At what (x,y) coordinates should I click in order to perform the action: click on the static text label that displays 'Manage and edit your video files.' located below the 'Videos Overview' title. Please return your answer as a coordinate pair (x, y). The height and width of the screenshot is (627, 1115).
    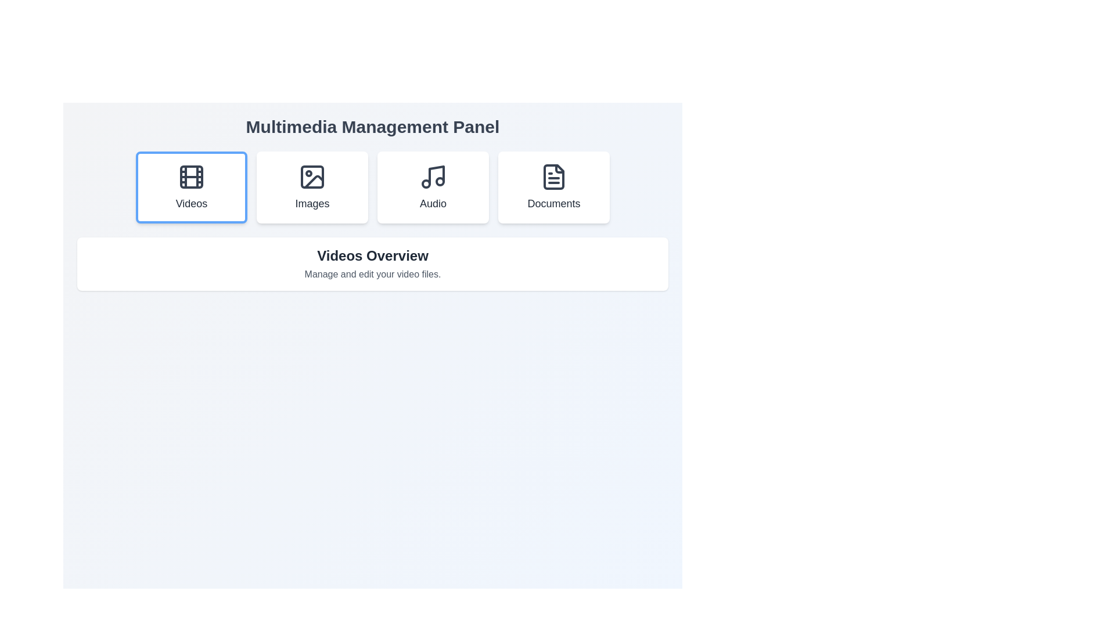
    Looking at the image, I should click on (373, 275).